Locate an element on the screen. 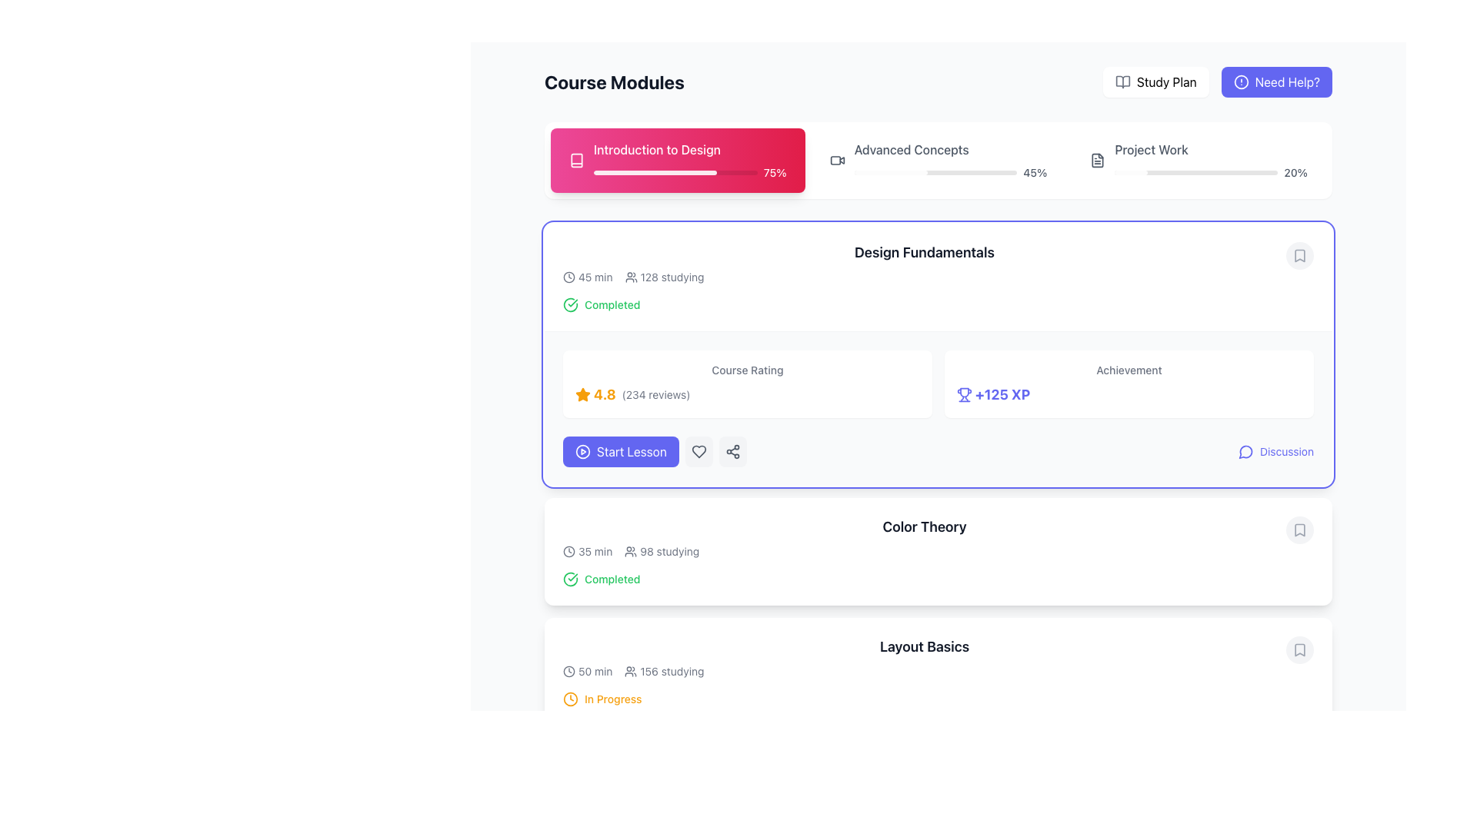  the completion icon located to the left of the 'Completed' text in the 'Design Fundamentals' course module section is located at coordinates (570, 305).